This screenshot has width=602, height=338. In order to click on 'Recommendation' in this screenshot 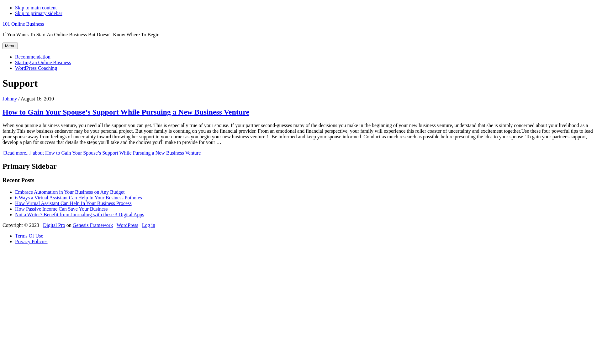, I will do `click(32, 57)`.